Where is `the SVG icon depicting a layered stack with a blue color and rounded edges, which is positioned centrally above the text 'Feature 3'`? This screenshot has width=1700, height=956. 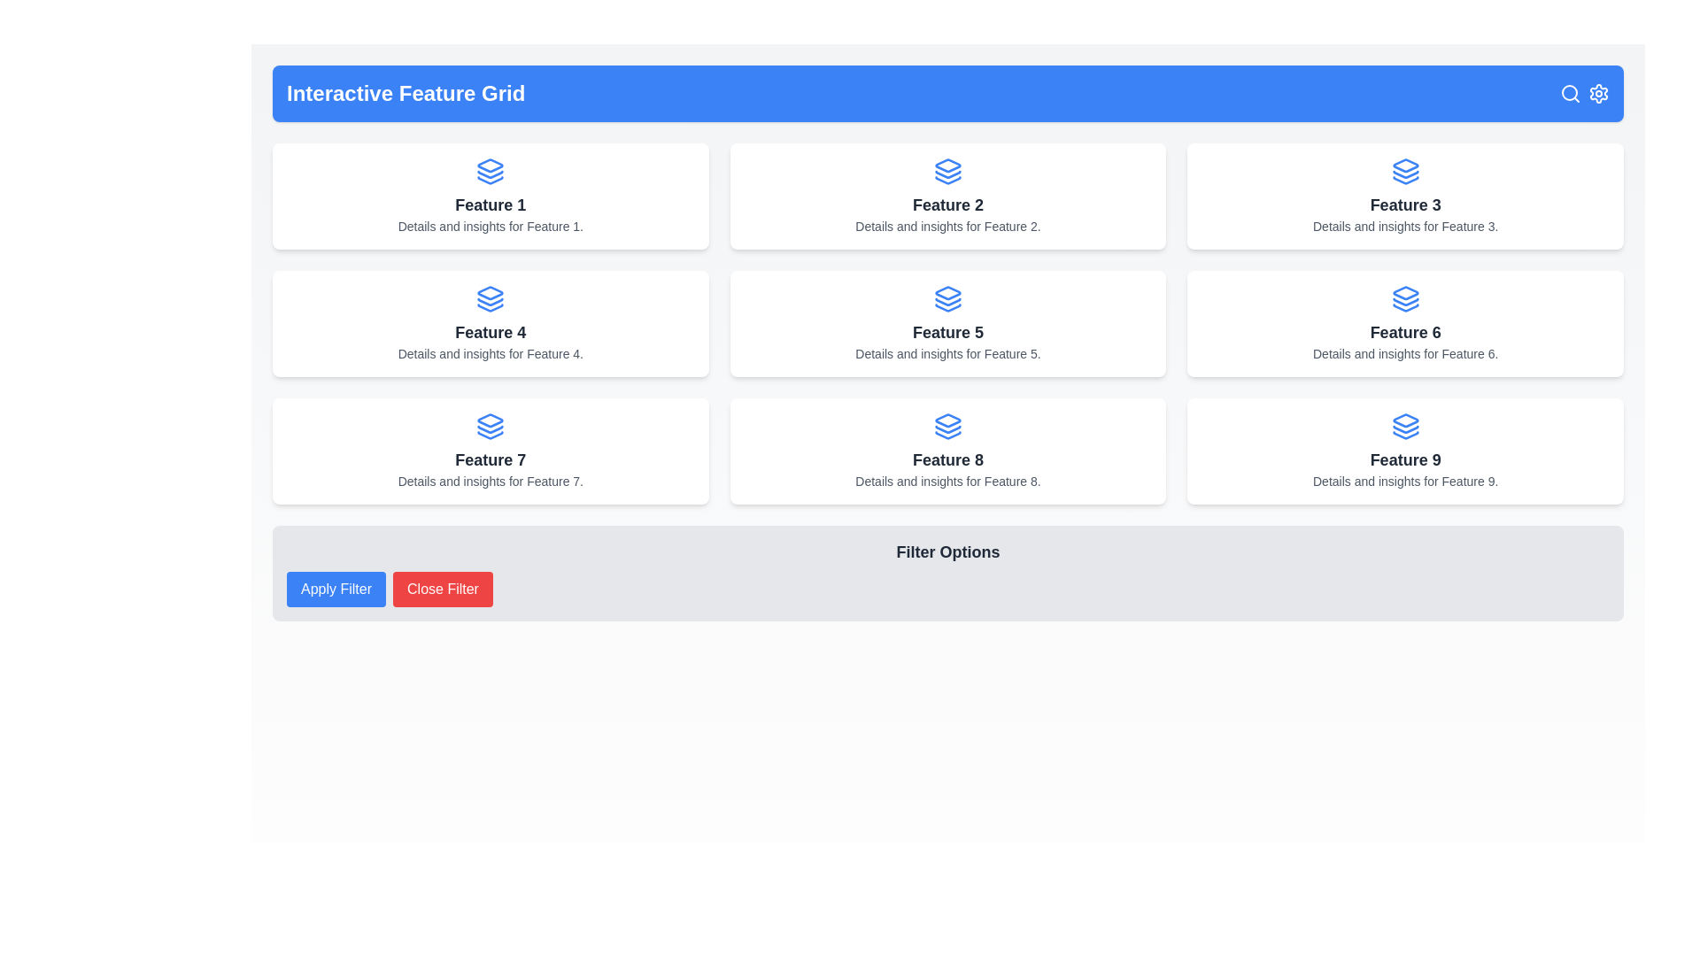
the SVG icon depicting a layered stack with a blue color and rounded edges, which is positioned centrally above the text 'Feature 3' is located at coordinates (1404, 171).